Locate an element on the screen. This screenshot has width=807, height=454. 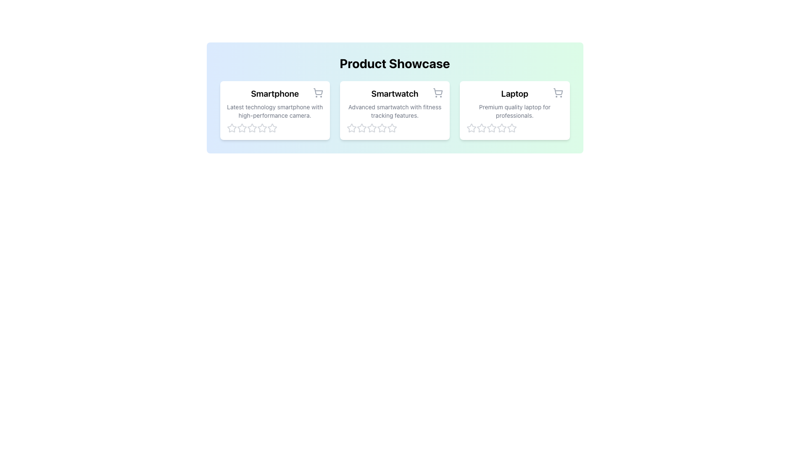
the first star icon is located at coordinates (232, 128).